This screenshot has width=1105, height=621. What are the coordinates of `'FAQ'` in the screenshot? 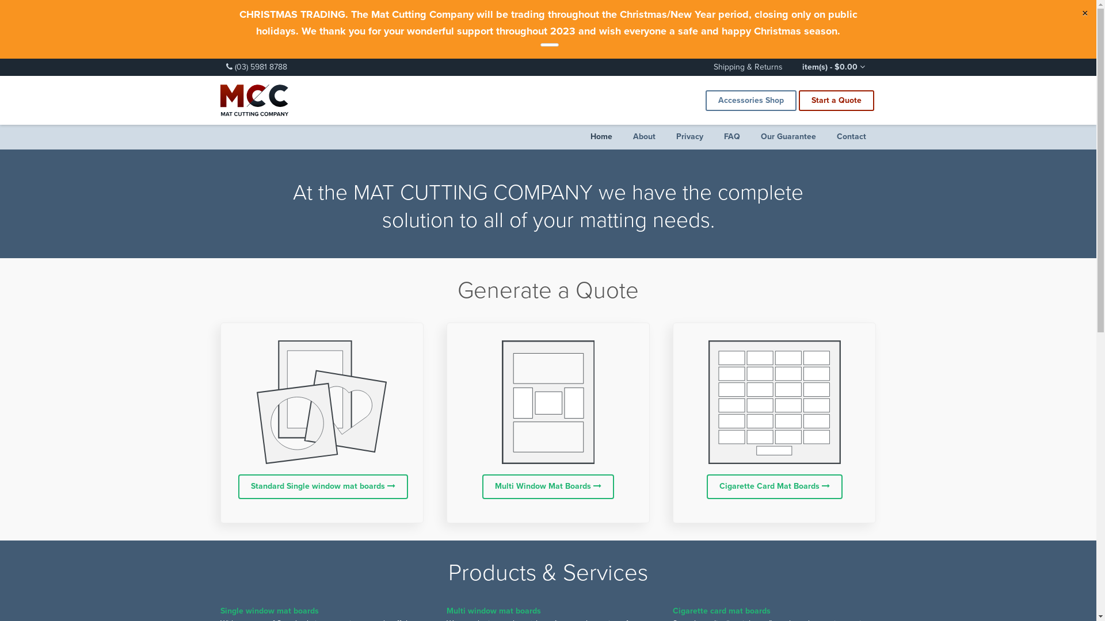 It's located at (731, 136).